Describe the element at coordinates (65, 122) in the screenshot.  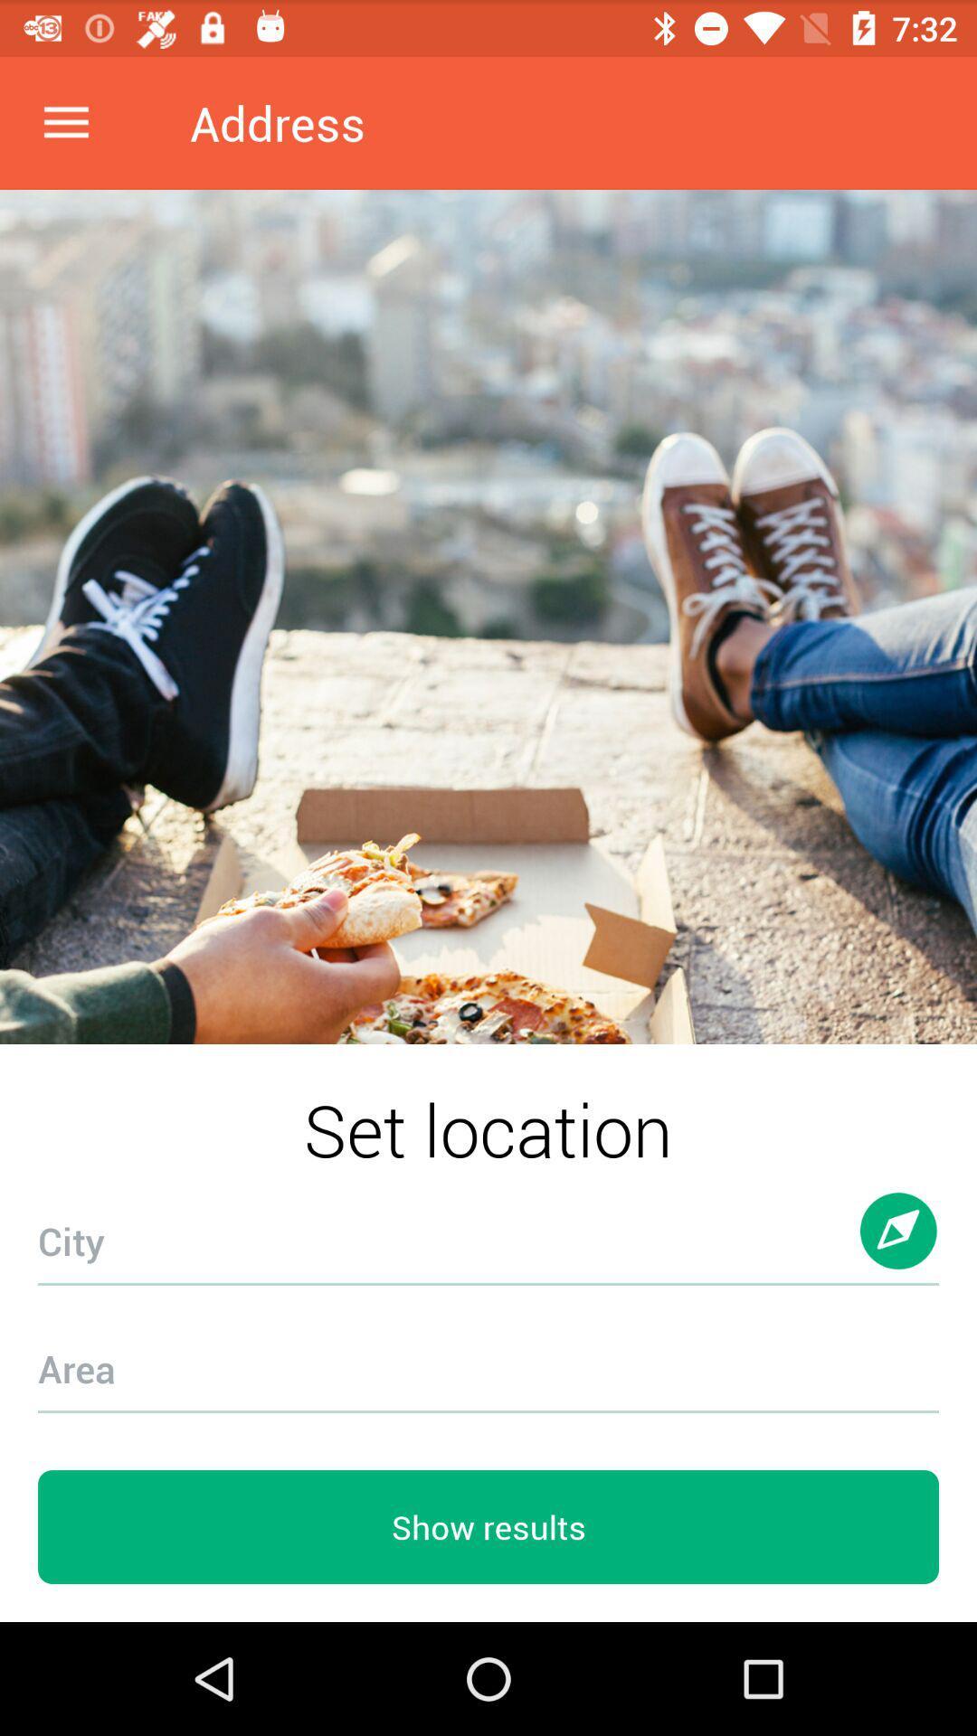
I see `the item at the top left corner` at that location.